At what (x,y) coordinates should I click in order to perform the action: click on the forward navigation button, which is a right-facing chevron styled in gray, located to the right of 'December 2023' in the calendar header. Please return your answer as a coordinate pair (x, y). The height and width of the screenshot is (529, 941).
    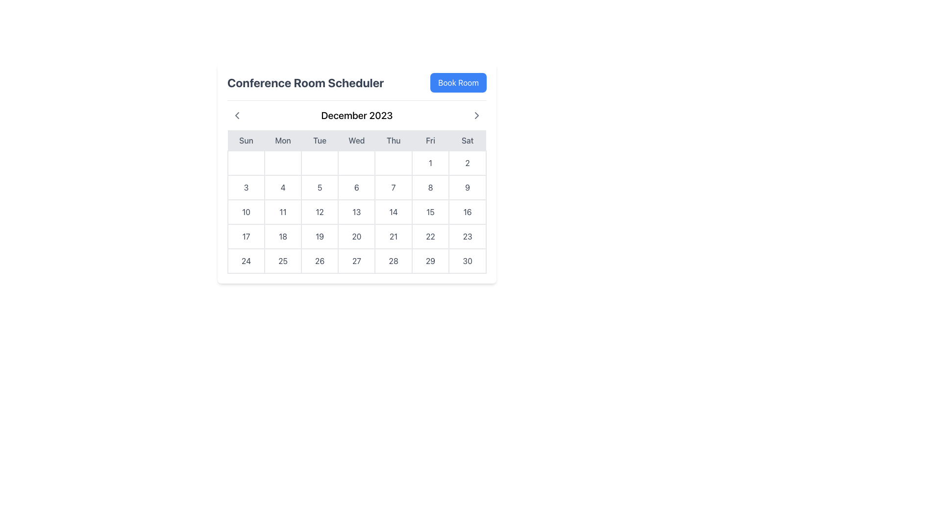
    Looking at the image, I should click on (477, 115).